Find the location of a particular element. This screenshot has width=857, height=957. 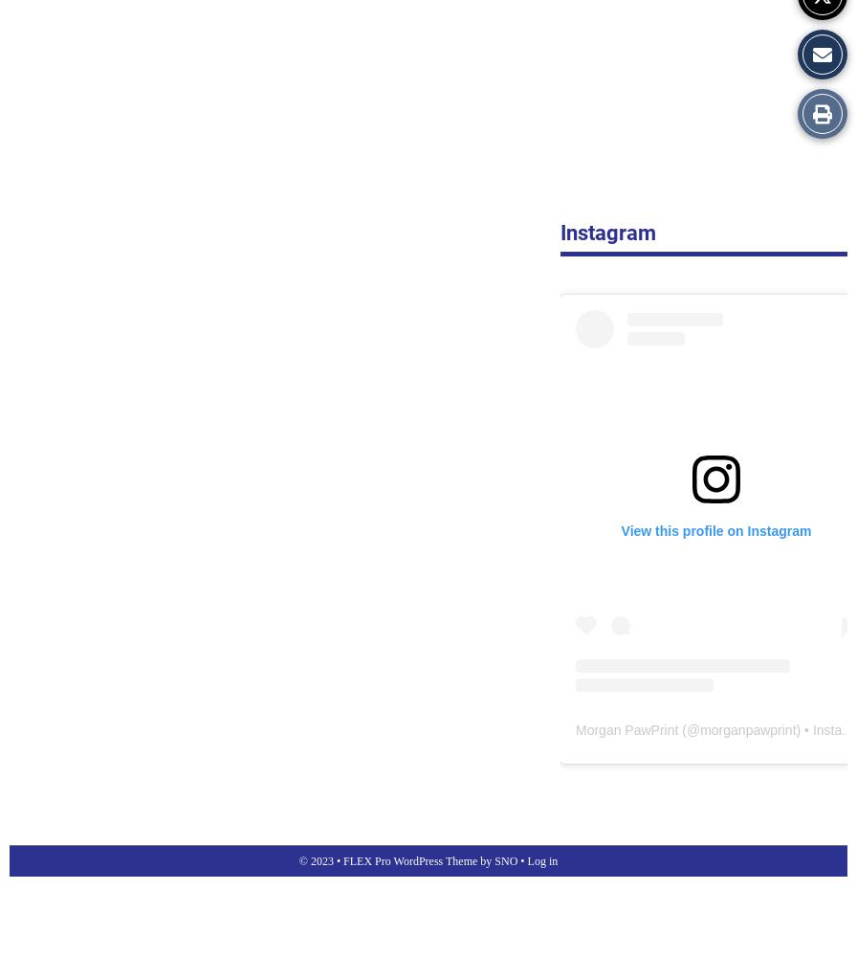

'© 2023  •' is located at coordinates (320, 860).